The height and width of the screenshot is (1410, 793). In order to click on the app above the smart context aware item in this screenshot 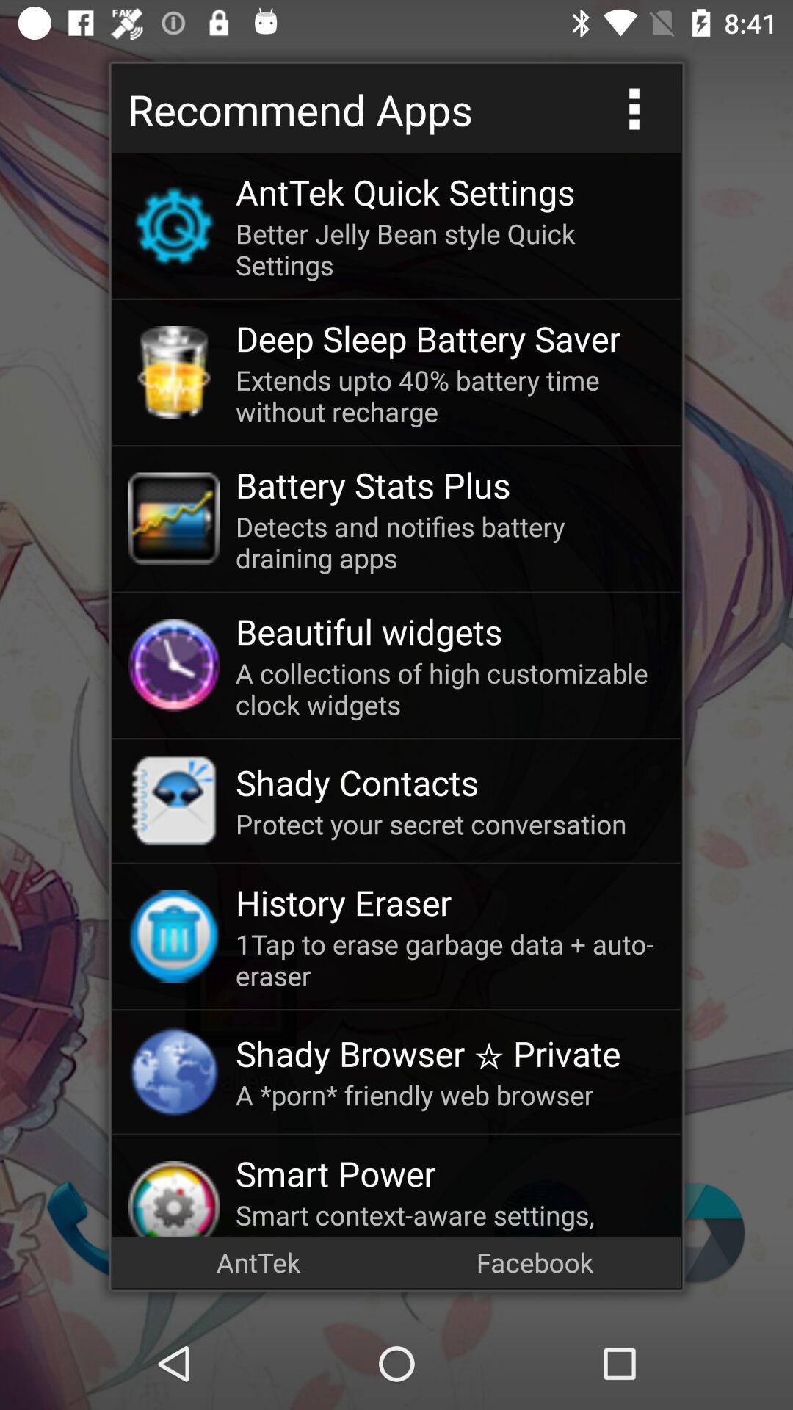, I will do `click(449, 1172)`.